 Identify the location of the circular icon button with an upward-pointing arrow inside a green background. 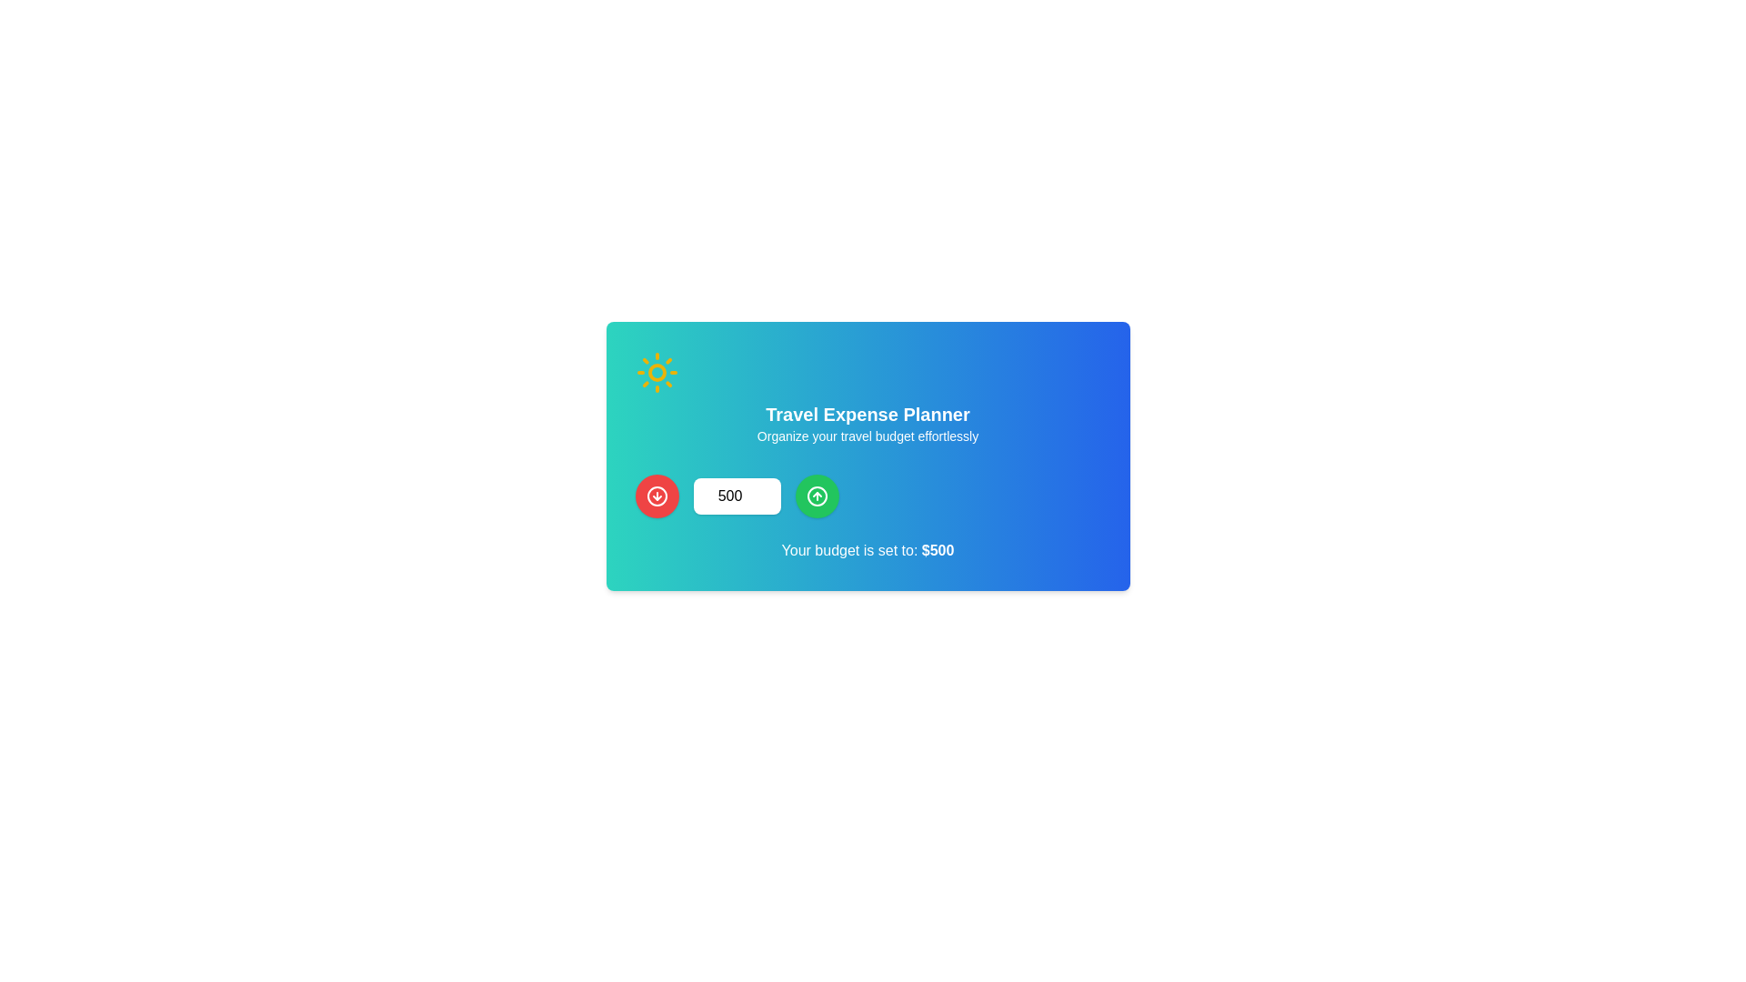
(816, 496).